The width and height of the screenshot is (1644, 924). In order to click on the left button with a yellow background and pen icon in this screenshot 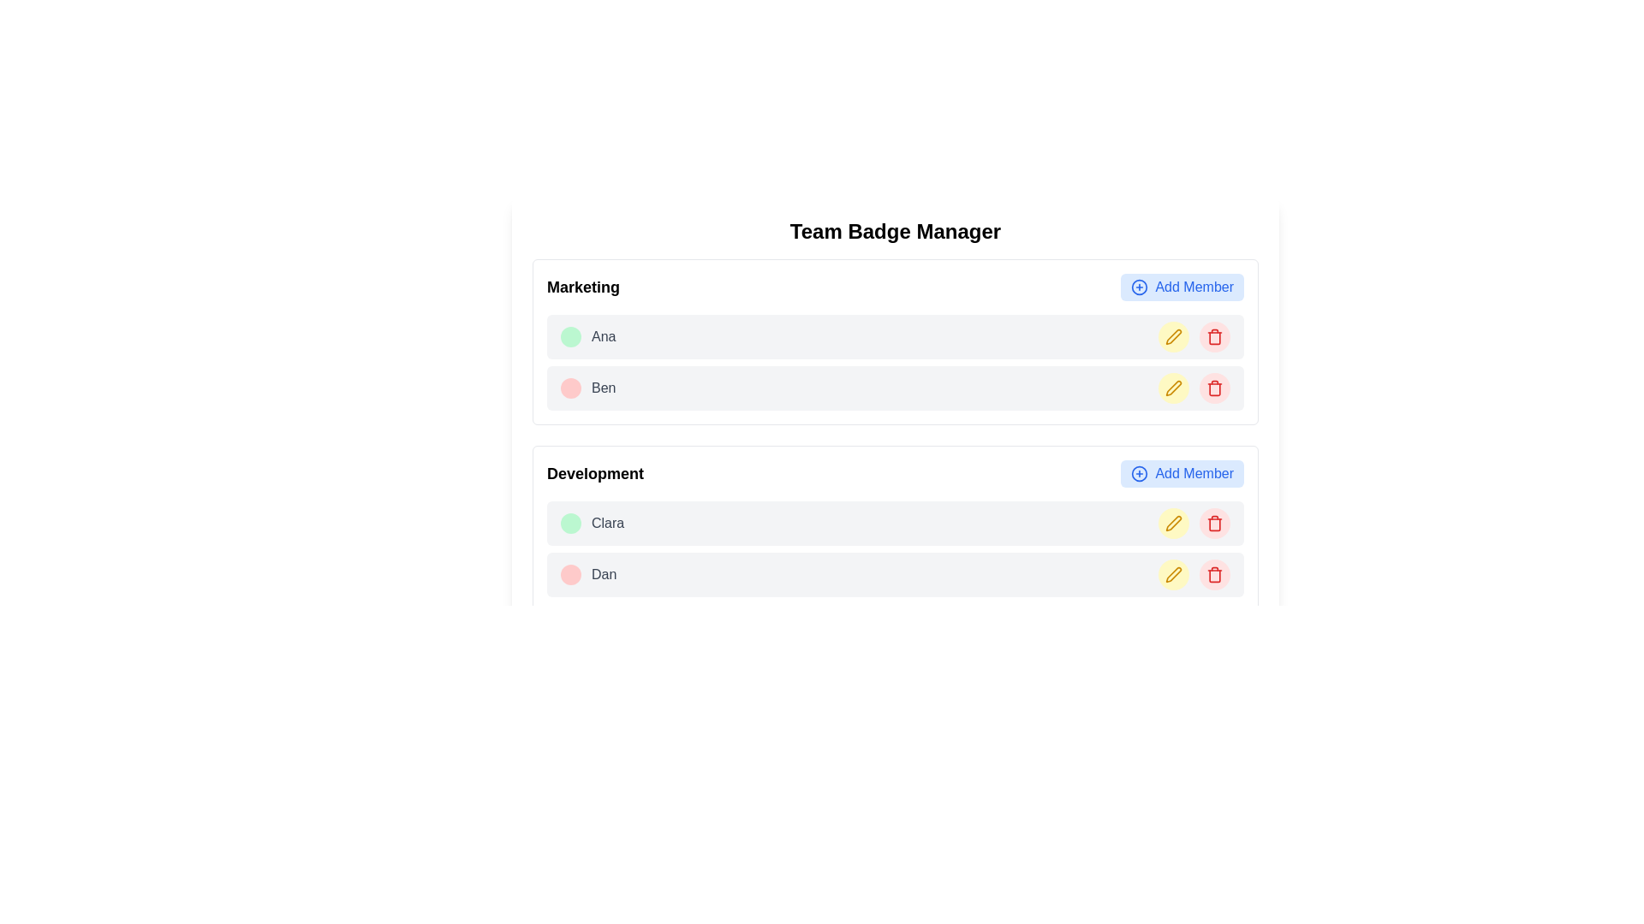, I will do `click(1194, 388)`.